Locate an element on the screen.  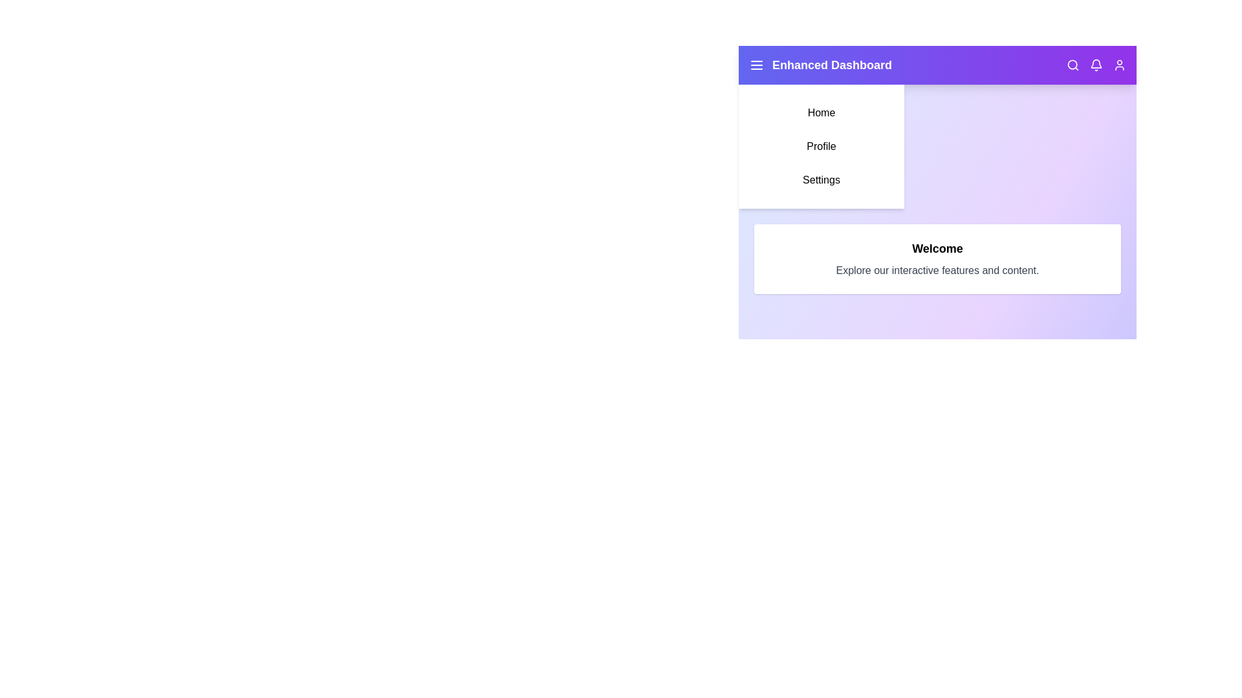
the main content section to interact with it is located at coordinates (937, 259).